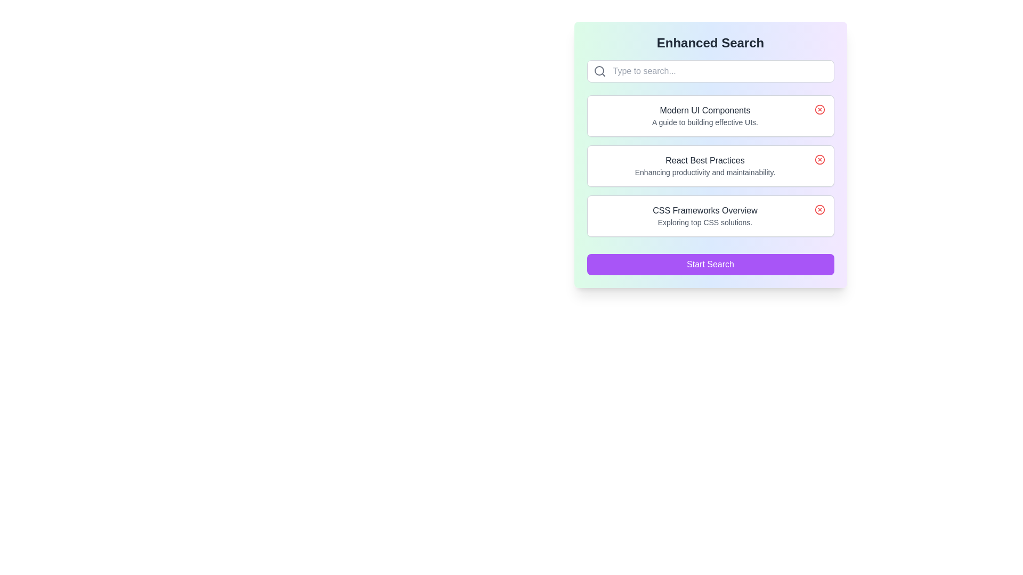  What do you see at coordinates (819, 209) in the screenshot?
I see `the delete button located in the upper-right corner of the 'CSS Frameworks Overview' card` at bounding box center [819, 209].